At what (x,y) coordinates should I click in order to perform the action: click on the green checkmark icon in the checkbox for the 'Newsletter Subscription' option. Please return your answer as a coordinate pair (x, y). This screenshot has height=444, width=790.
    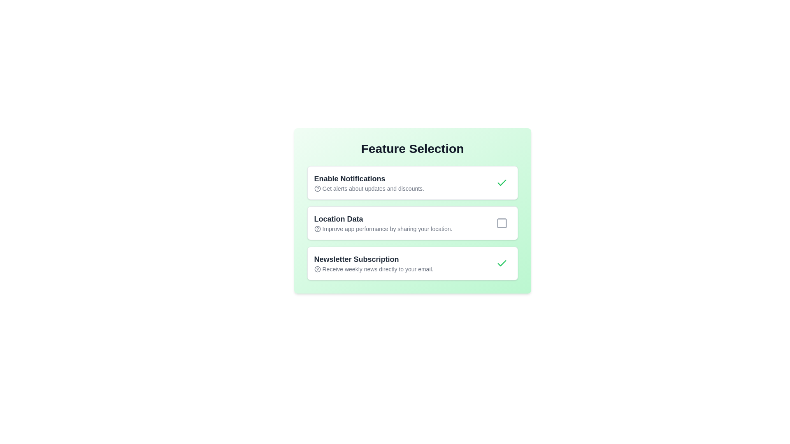
    Looking at the image, I should click on (501, 263).